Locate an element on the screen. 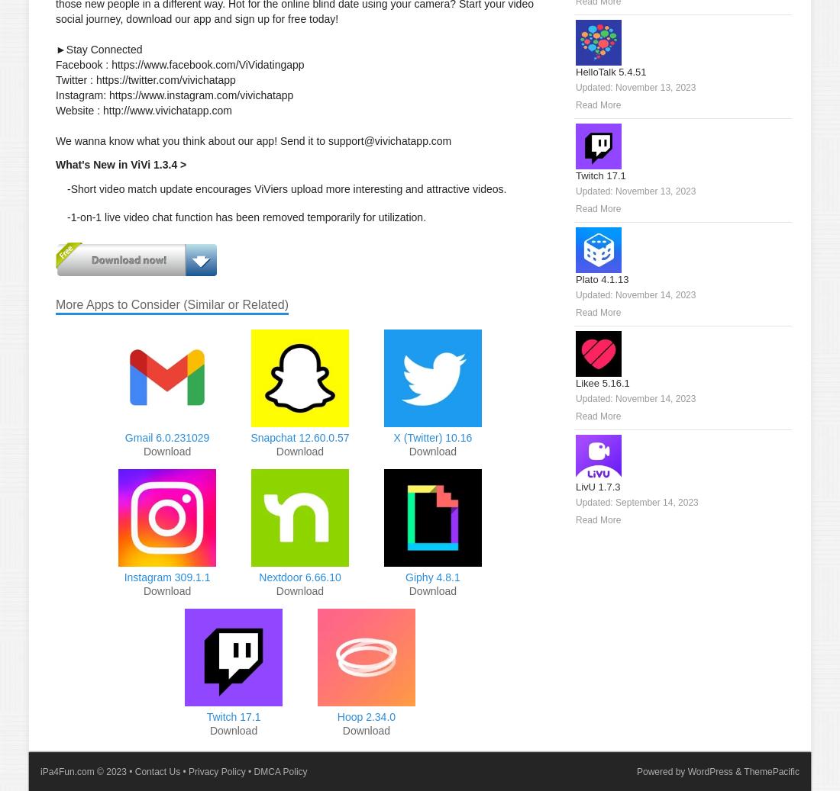 The width and height of the screenshot is (840, 791). 'Plato 4.1.13' is located at coordinates (575, 278).